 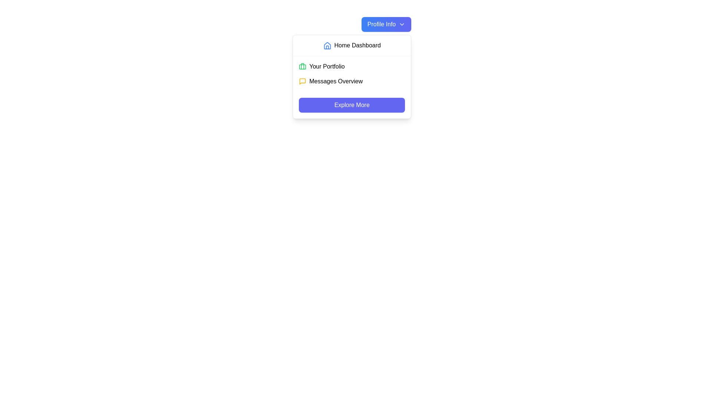 What do you see at coordinates (352, 105) in the screenshot?
I see `the action trigger button located at the bottom of the dropdown menu` at bounding box center [352, 105].